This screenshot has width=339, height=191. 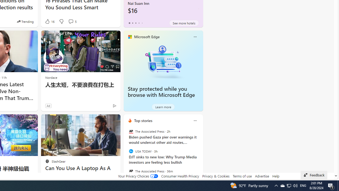 I want to click on 'Class: icon-img', so click(x=195, y=121).